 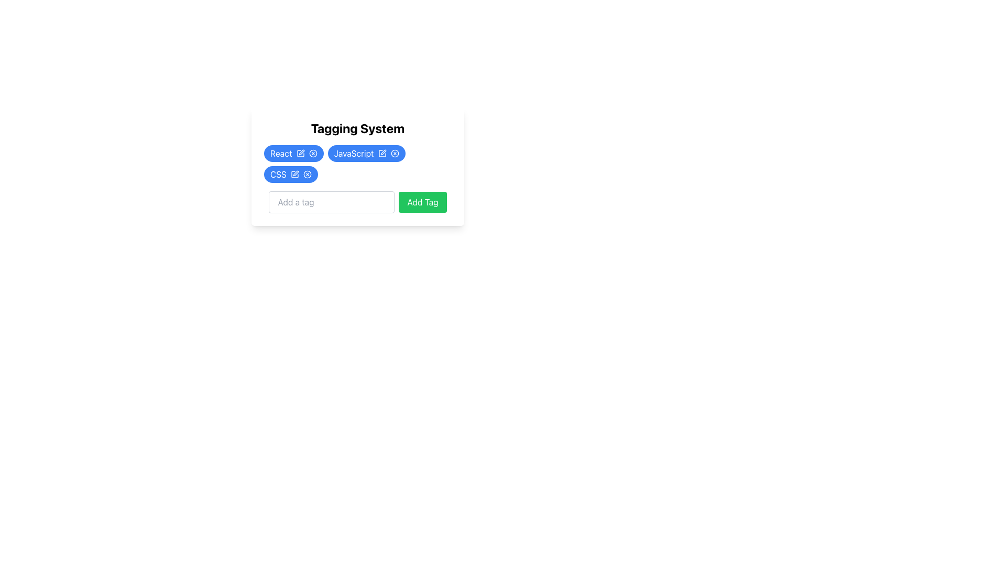 I want to click on the circular icon button with a blue background and a diagonal cross, located at the far right of the bottom row in the 'Tagging System' interface, so click(x=307, y=173).